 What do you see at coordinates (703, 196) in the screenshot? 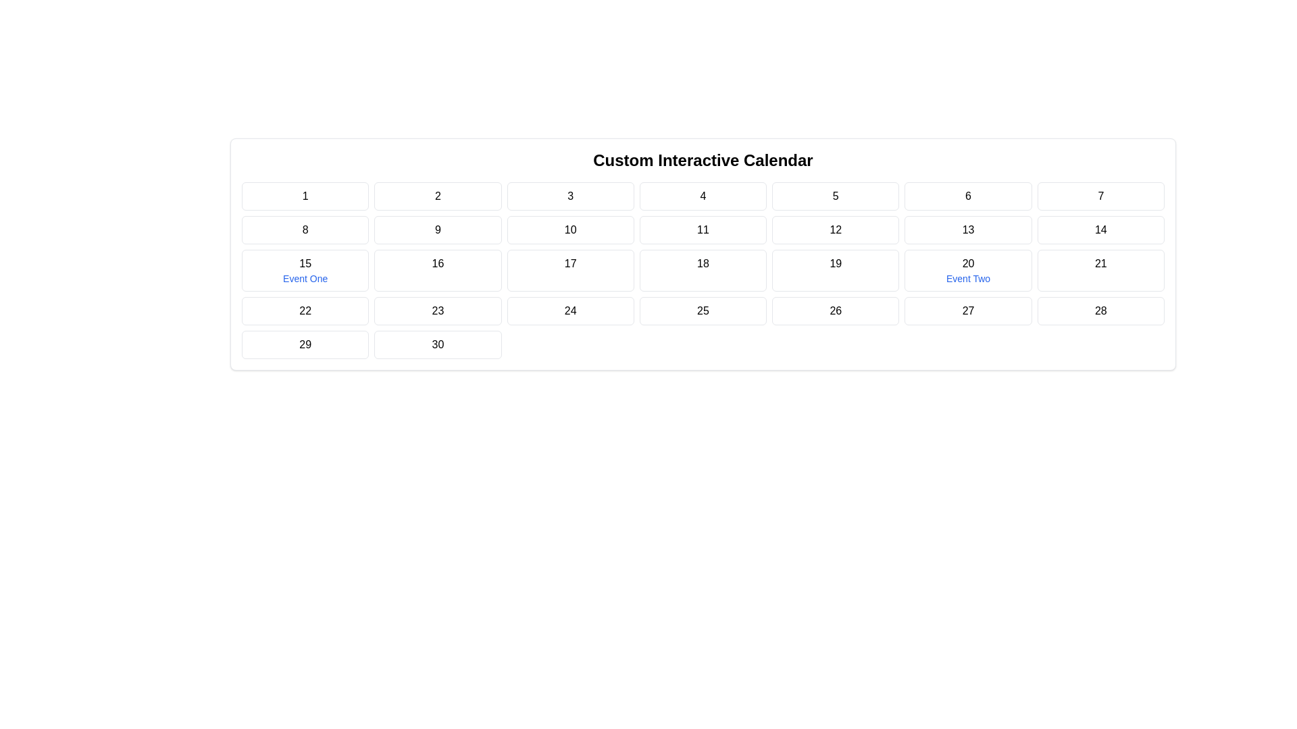
I see `the non-interactive label representing the fourth day in the calendar view, located in the first row and fourth column of the grid layout` at bounding box center [703, 196].